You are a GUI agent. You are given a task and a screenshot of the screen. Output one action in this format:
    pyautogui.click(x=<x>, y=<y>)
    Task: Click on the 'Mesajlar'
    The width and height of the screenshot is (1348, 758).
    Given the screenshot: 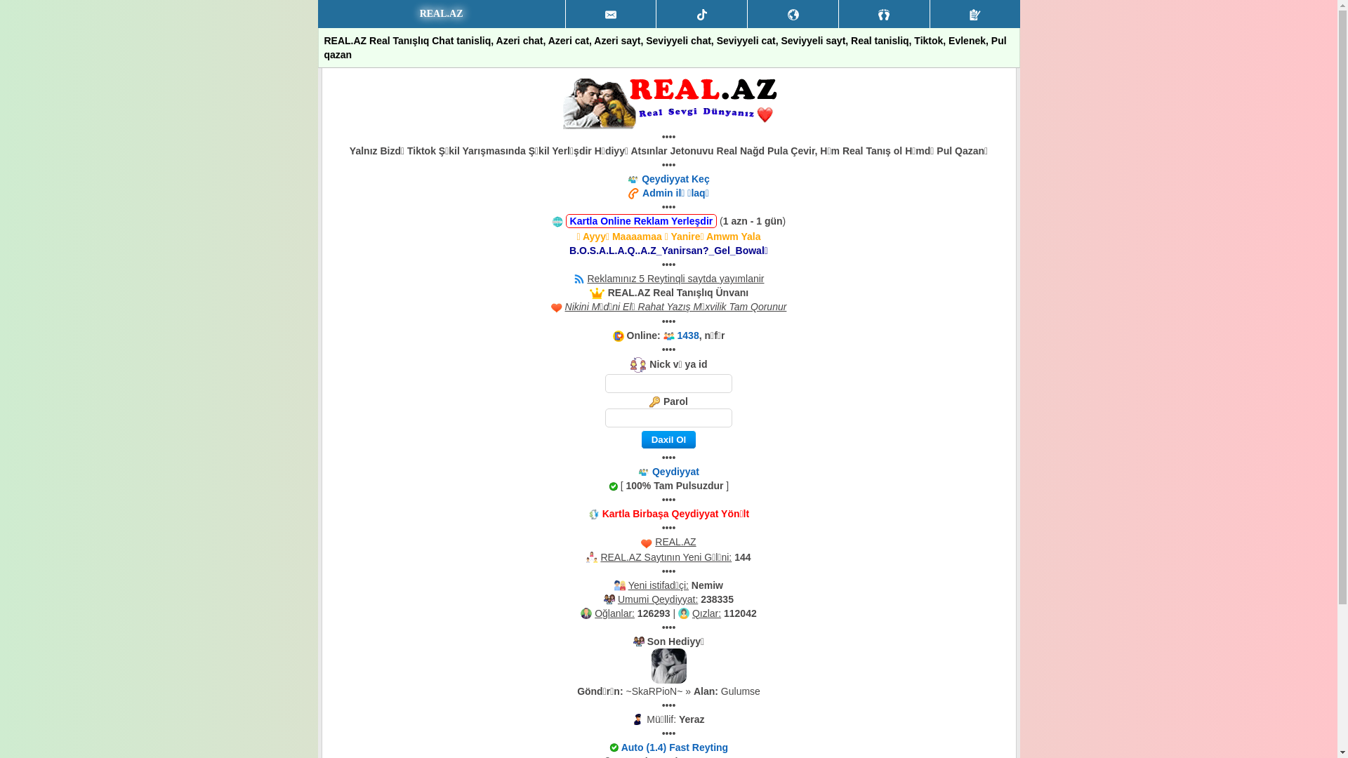 What is the action you would take?
    pyautogui.click(x=566, y=13)
    